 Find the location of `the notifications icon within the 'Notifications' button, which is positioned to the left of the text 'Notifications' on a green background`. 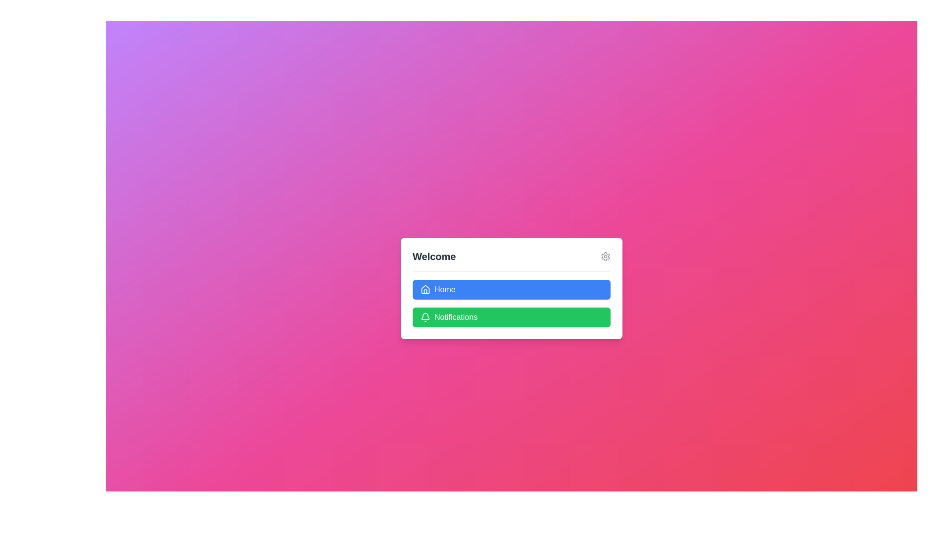

the notifications icon within the 'Notifications' button, which is positioned to the left of the text 'Notifications' on a green background is located at coordinates (425, 316).